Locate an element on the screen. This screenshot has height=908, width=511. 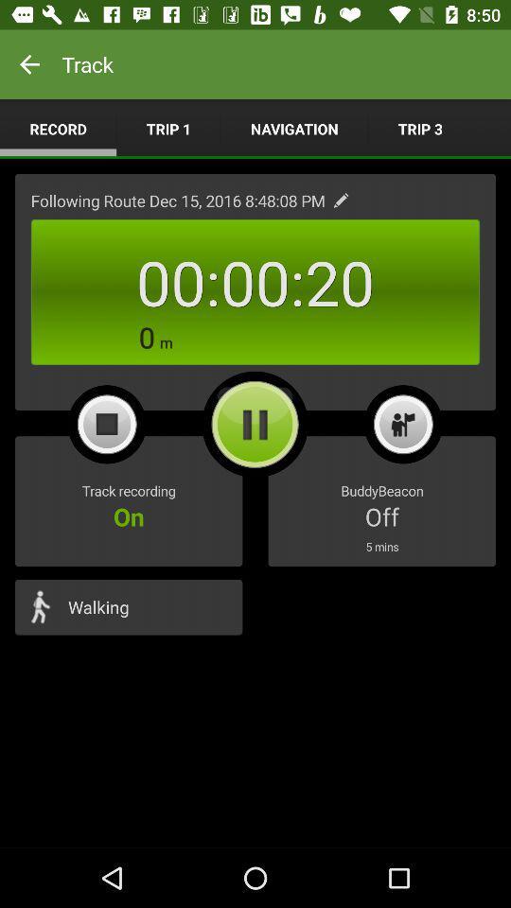
the item to the right of navigation item is located at coordinates (420, 128).